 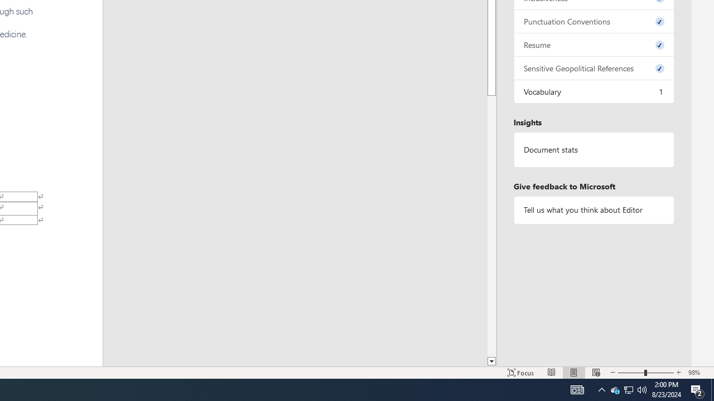 What do you see at coordinates (593, 149) in the screenshot?
I see `'Document statistics'` at bounding box center [593, 149].